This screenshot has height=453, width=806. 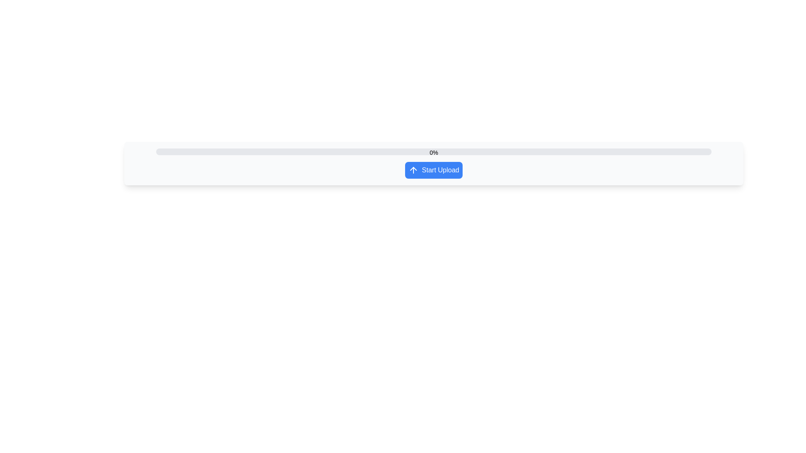 I want to click on the Text label indicating the current progress percentage, which shows 0%, so click(x=434, y=152).